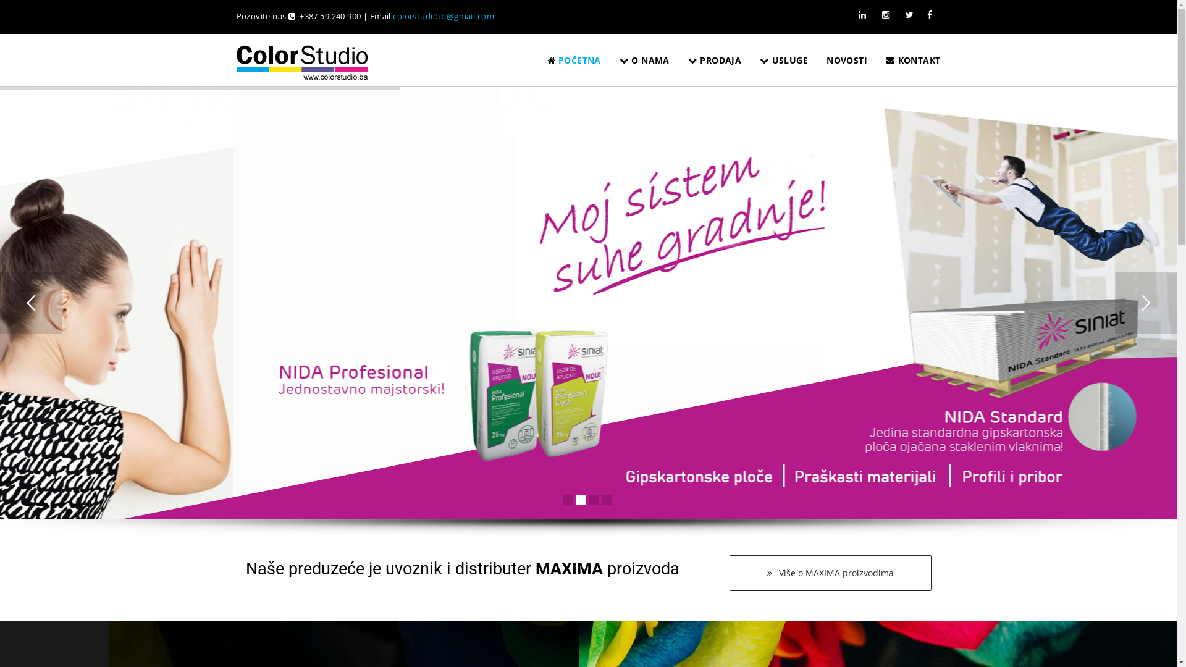  Describe the element at coordinates (913, 60) in the screenshot. I see `'KONTAKT'` at that location.